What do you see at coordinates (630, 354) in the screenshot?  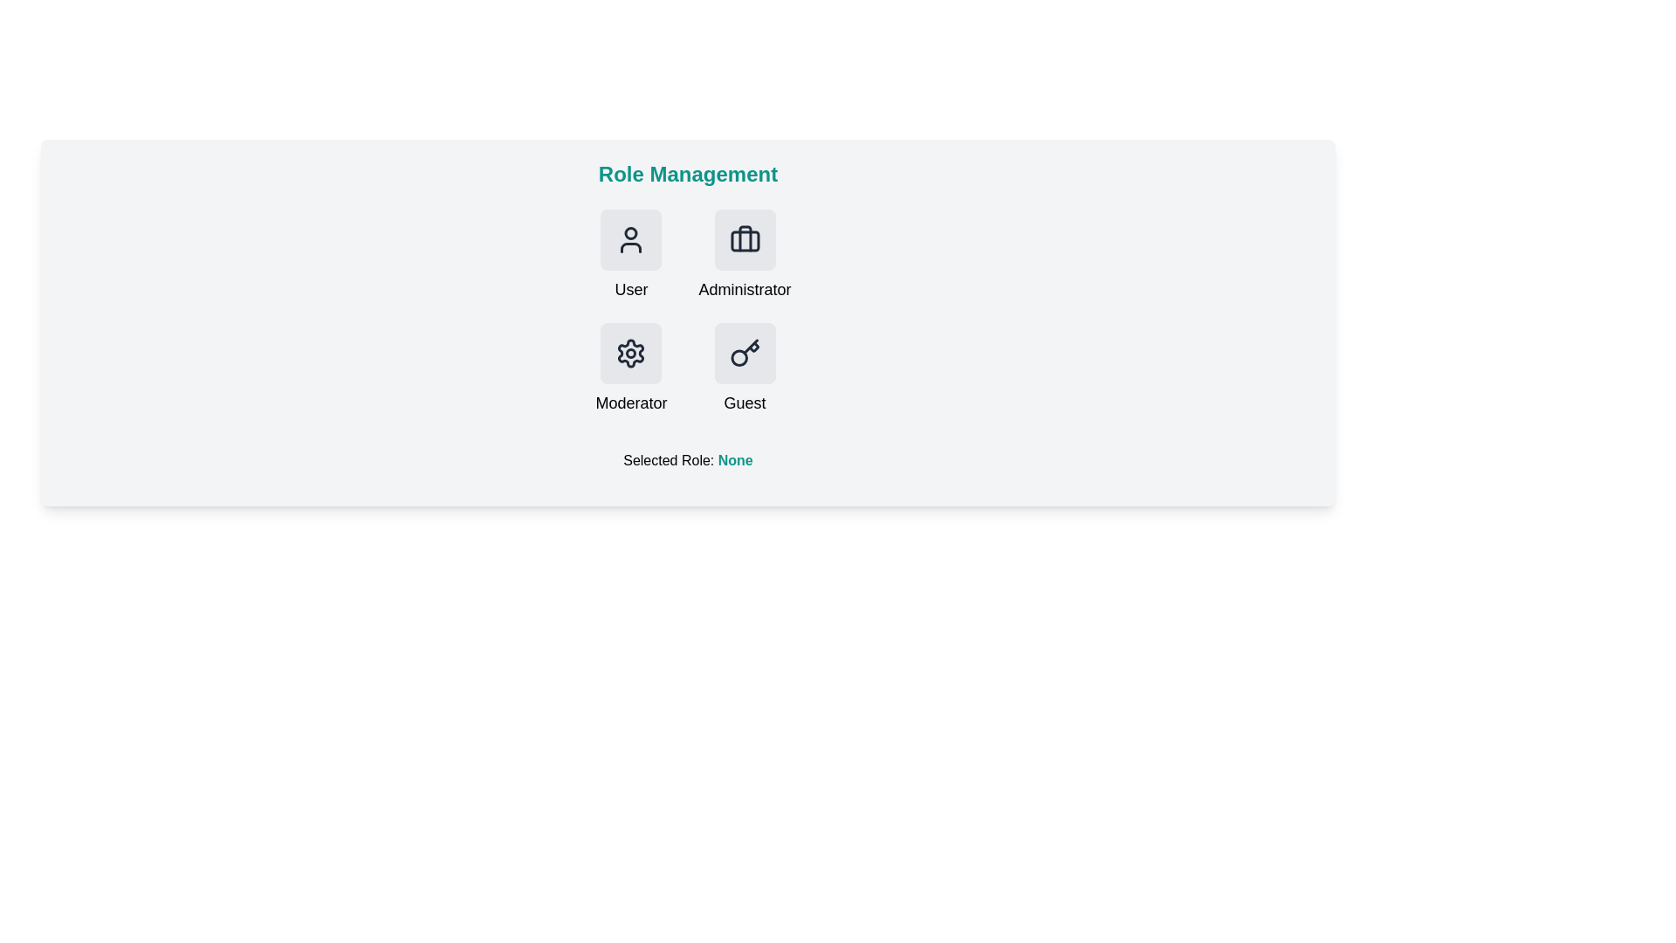 I see `the settings icon representing actions for the 'Moderator' role, located at the center of the 'Moderator' button in the Role Management section` at bounding box center [630, 354].